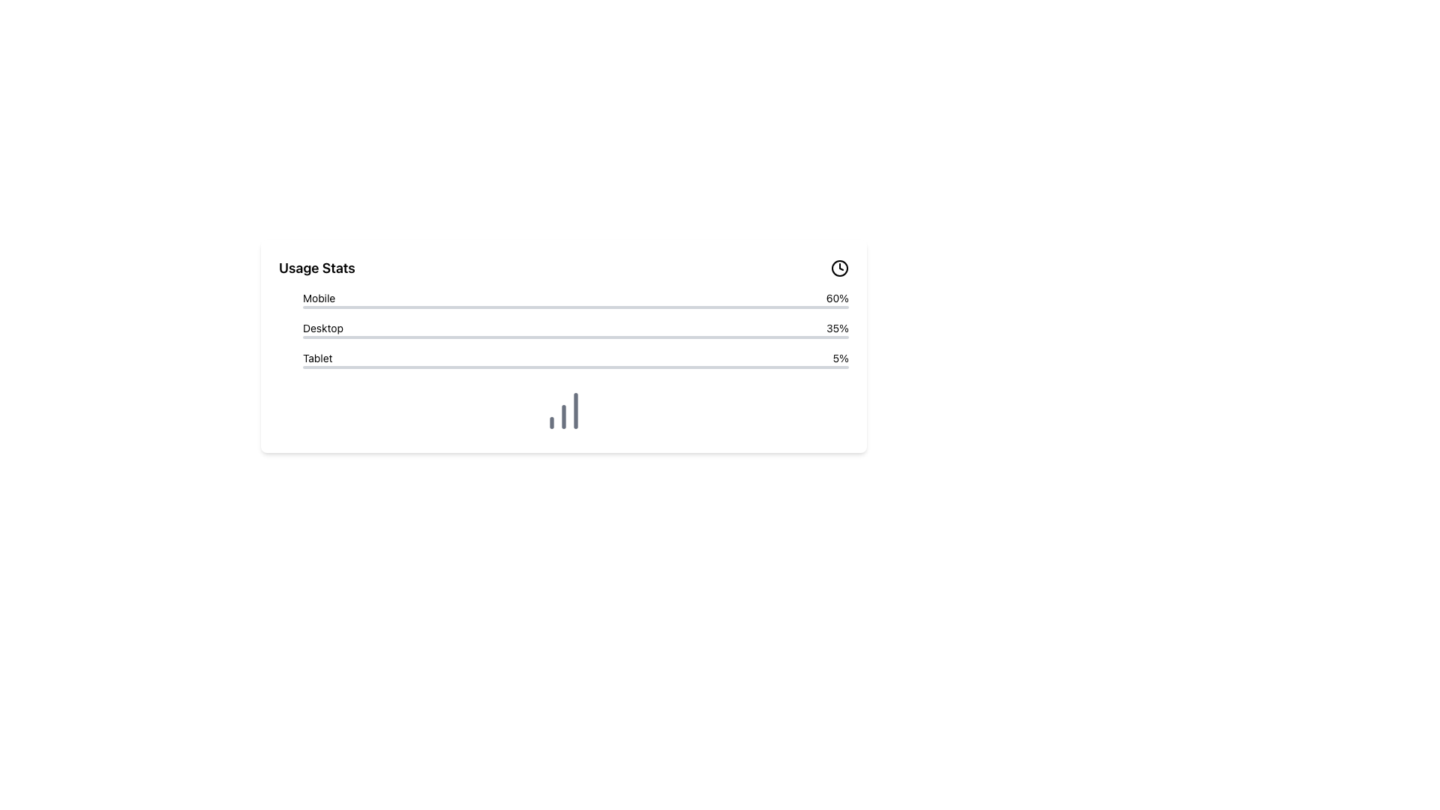 This screenshot has width=1440, height=810. I want to click on width proportion of the Progress Bar that visually represents 35% progress for the category 'Desktop', located below the text labels 'Desktop' and '35%', so click(575, 337).